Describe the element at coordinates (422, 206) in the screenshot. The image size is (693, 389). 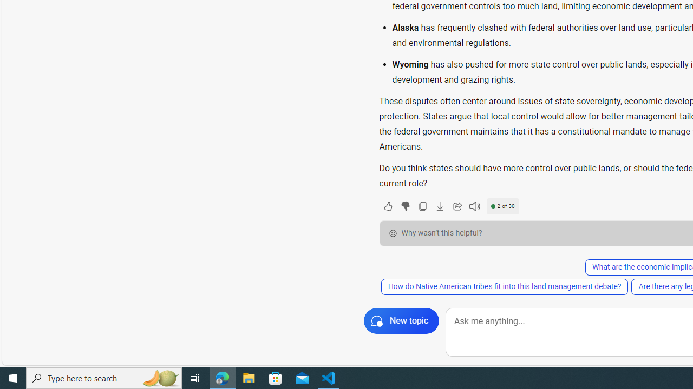
I see `'Copy'` at that location.